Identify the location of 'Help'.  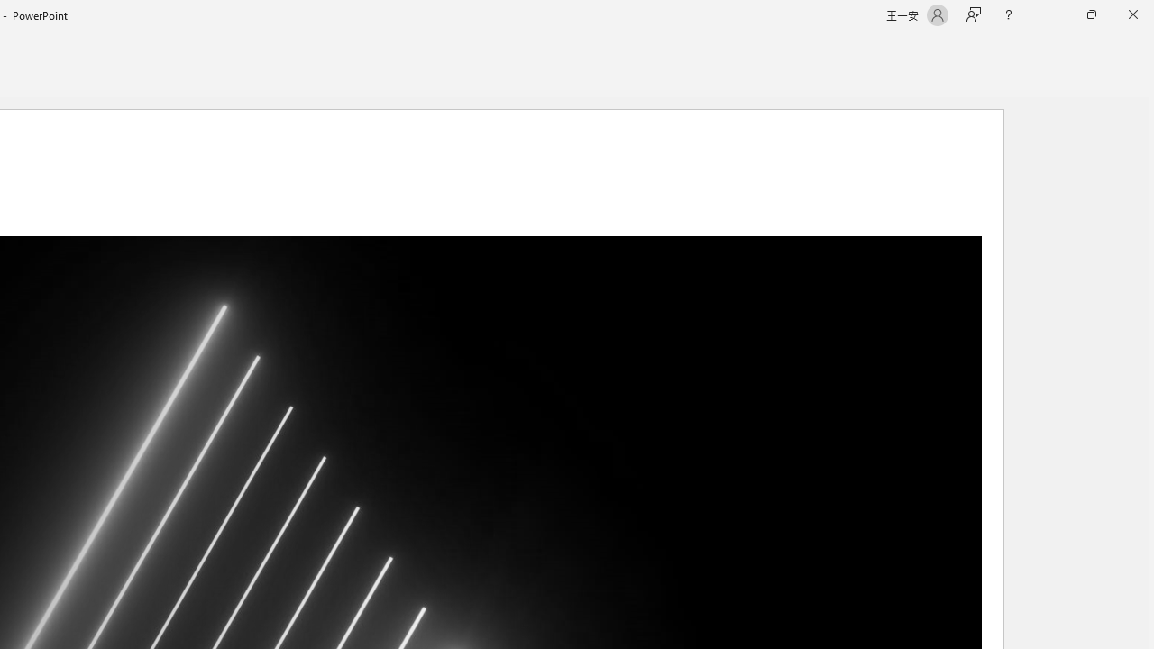
(1007, 14).